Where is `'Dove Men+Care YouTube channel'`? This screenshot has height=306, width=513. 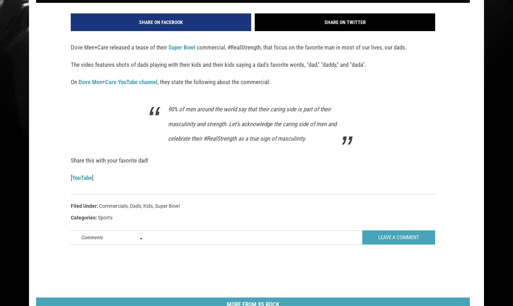
'Dove Men+Care YouTube channel' is located at coordinates (118, 91).